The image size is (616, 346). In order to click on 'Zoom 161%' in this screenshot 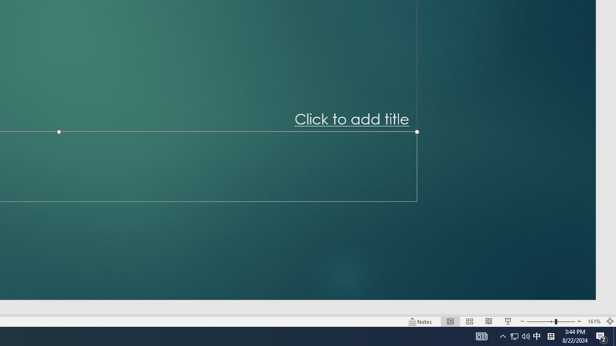, I will do `click(593, 321)`.